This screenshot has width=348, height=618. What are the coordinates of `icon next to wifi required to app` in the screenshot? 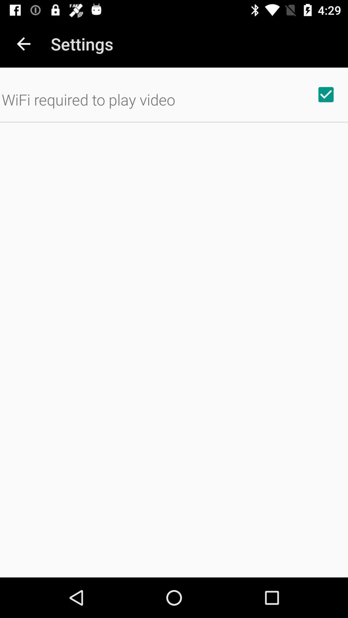 It's located at (326, 94).